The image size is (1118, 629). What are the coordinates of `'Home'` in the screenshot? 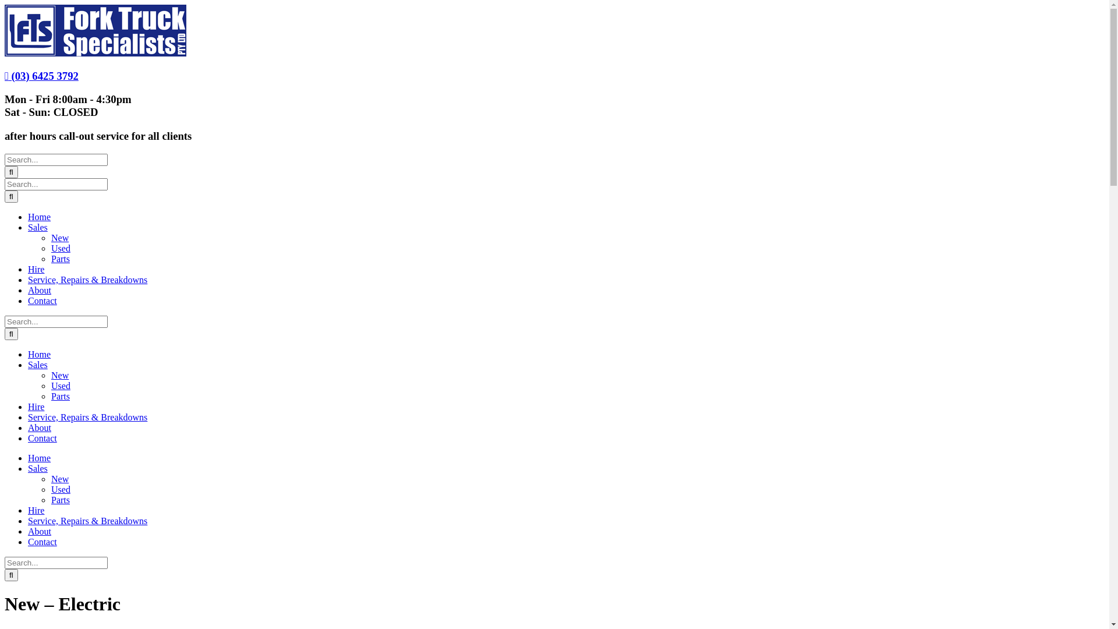 It's located at (28, 354).